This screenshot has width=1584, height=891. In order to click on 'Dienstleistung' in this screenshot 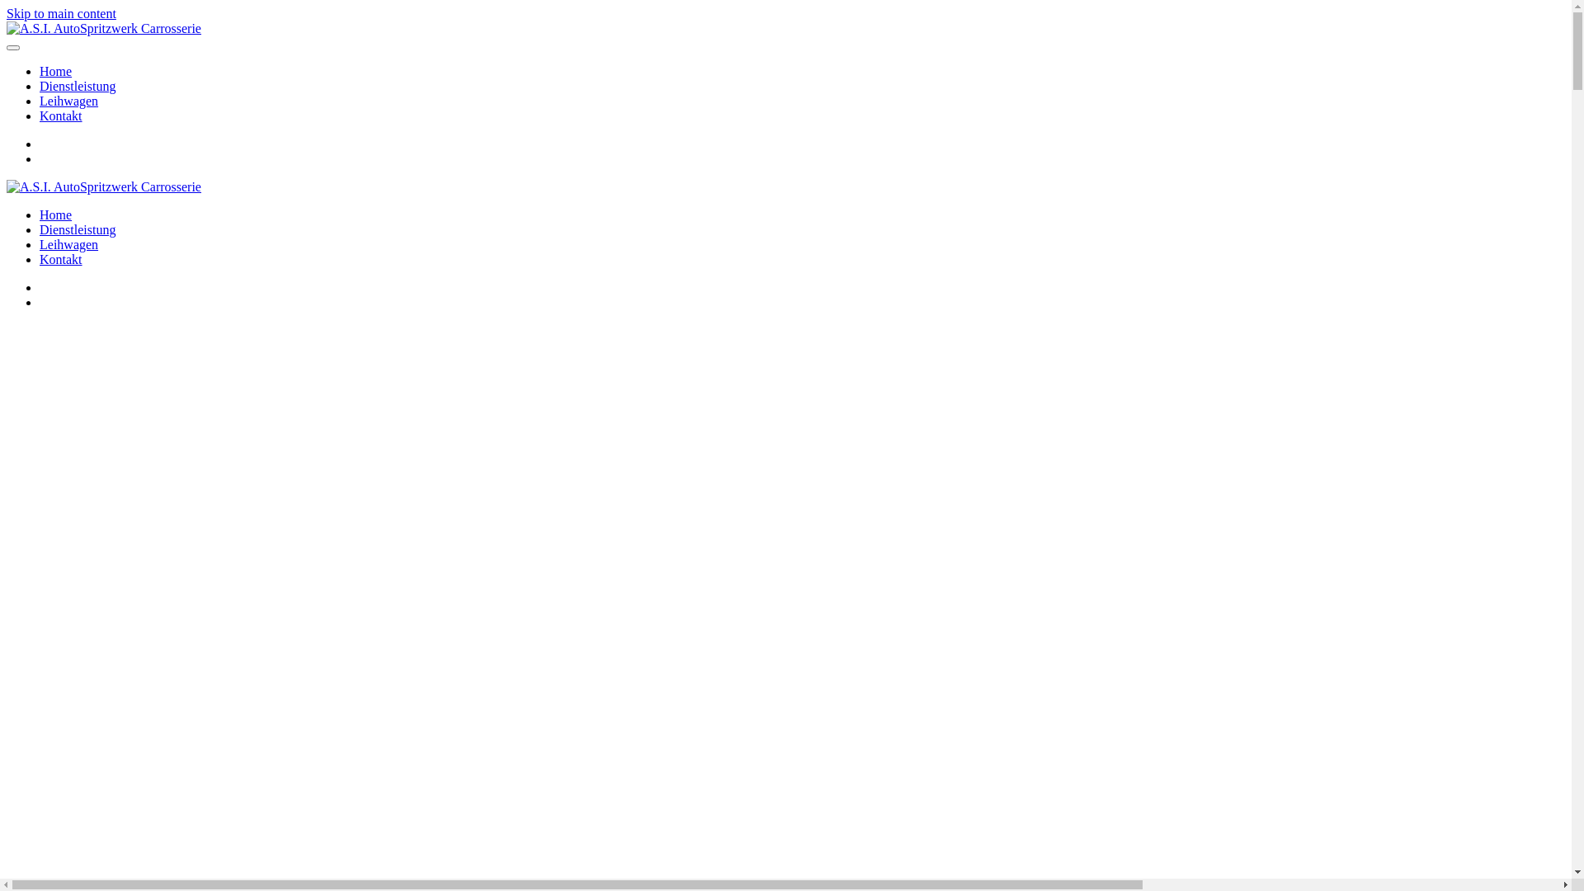, I will do `click(40, 86)`.